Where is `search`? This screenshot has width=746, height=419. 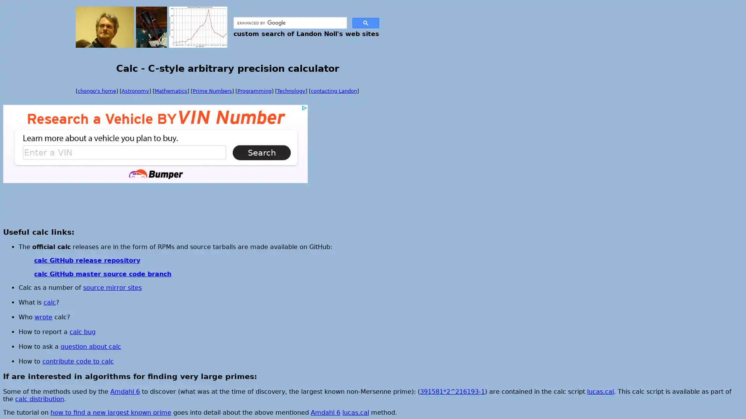 search is located at coordinates (365, 22).